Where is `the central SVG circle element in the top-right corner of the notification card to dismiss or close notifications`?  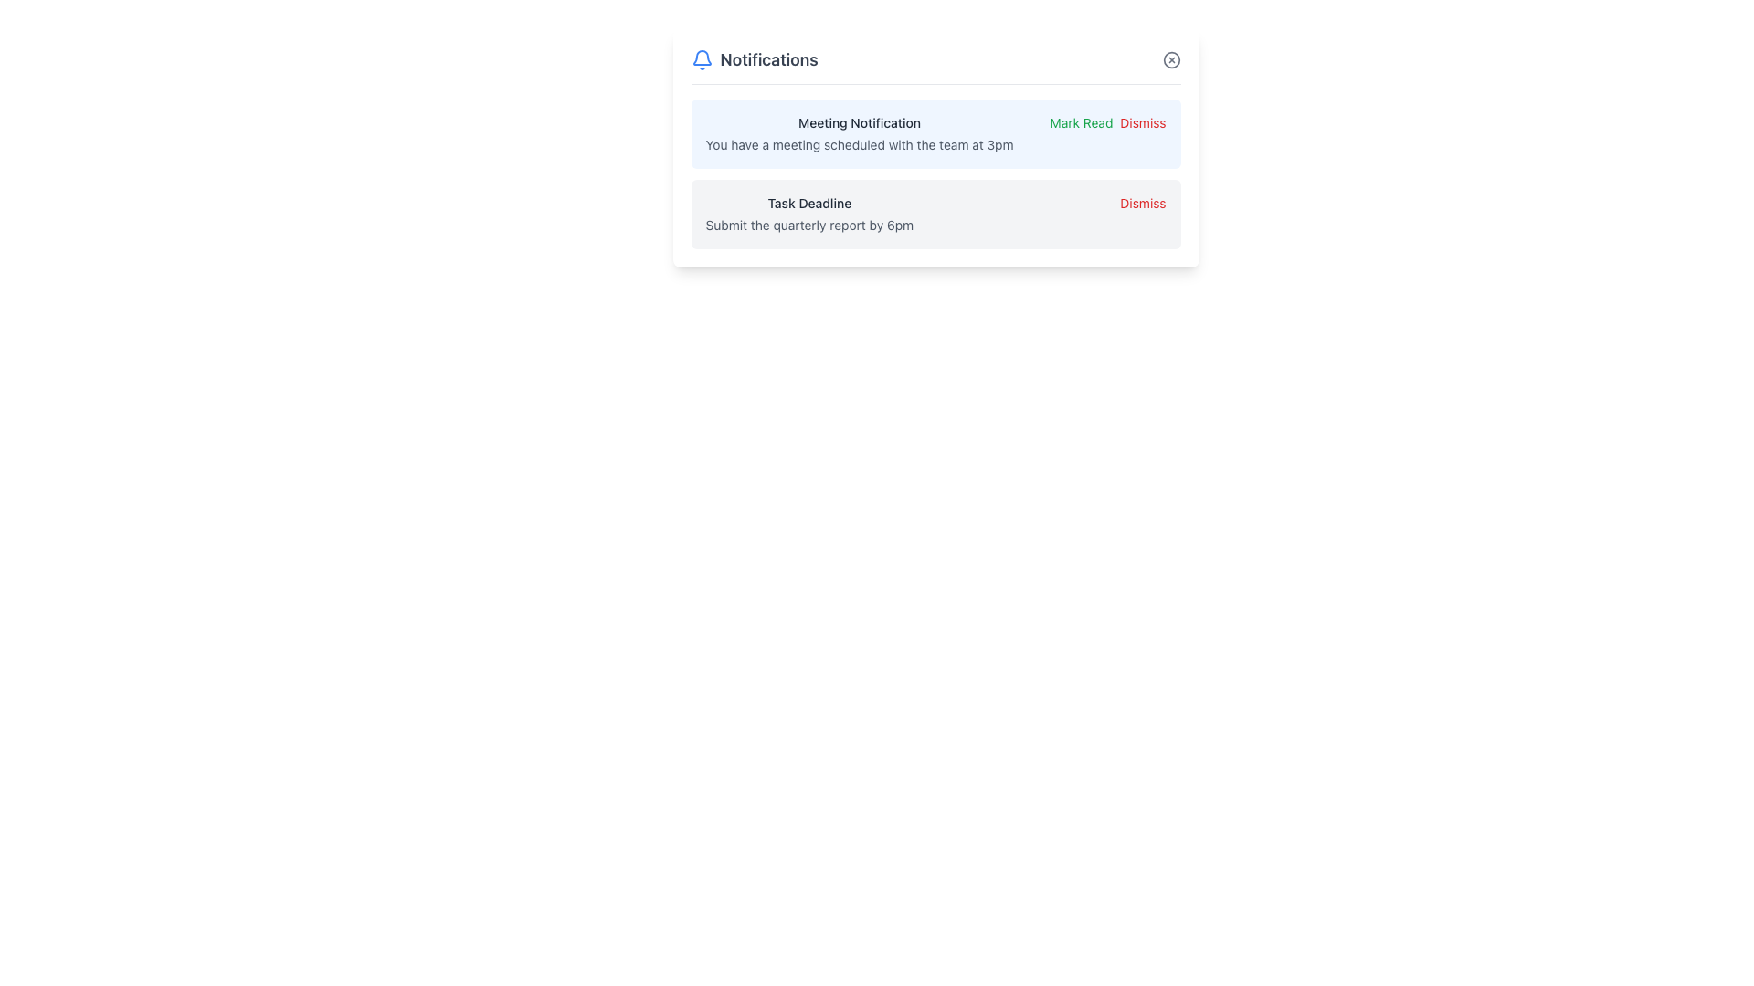
the central SVG circle element in the top-right corner of the notification card to dismiss or close notifications is located at coordinates (1171, 58).